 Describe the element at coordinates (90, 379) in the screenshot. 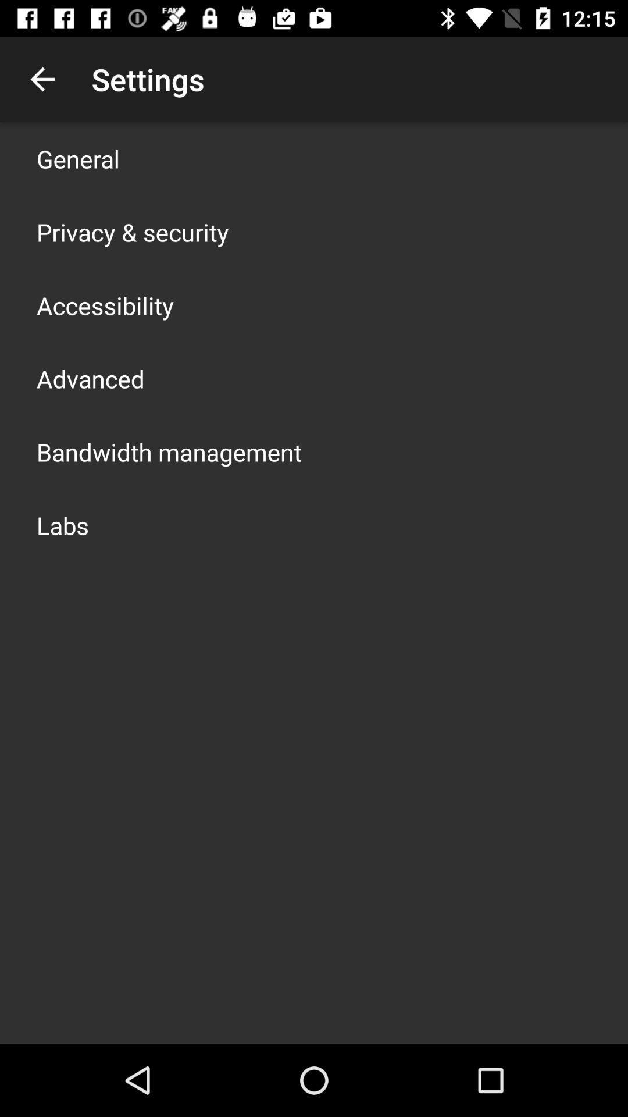

I see `the item below accessibility icon` at that location.